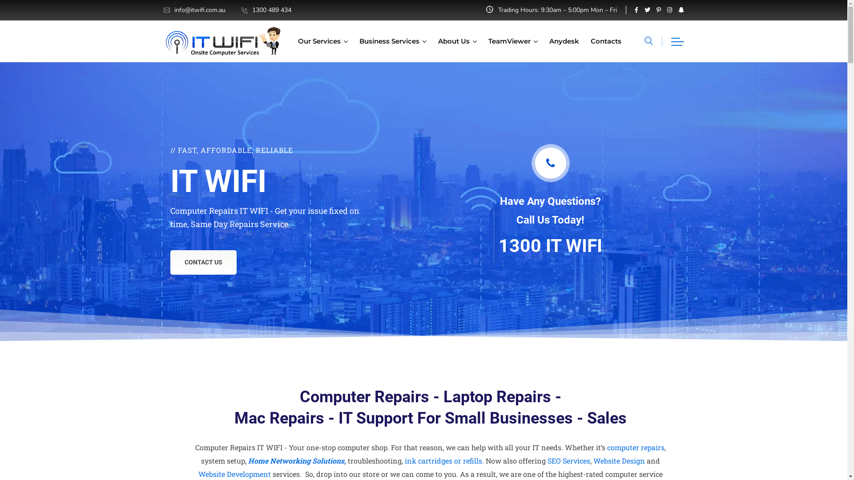 The width and height of the screenshot is (854, 480). I want to click on 'info@itwifi.com.au', so click(199, 10).